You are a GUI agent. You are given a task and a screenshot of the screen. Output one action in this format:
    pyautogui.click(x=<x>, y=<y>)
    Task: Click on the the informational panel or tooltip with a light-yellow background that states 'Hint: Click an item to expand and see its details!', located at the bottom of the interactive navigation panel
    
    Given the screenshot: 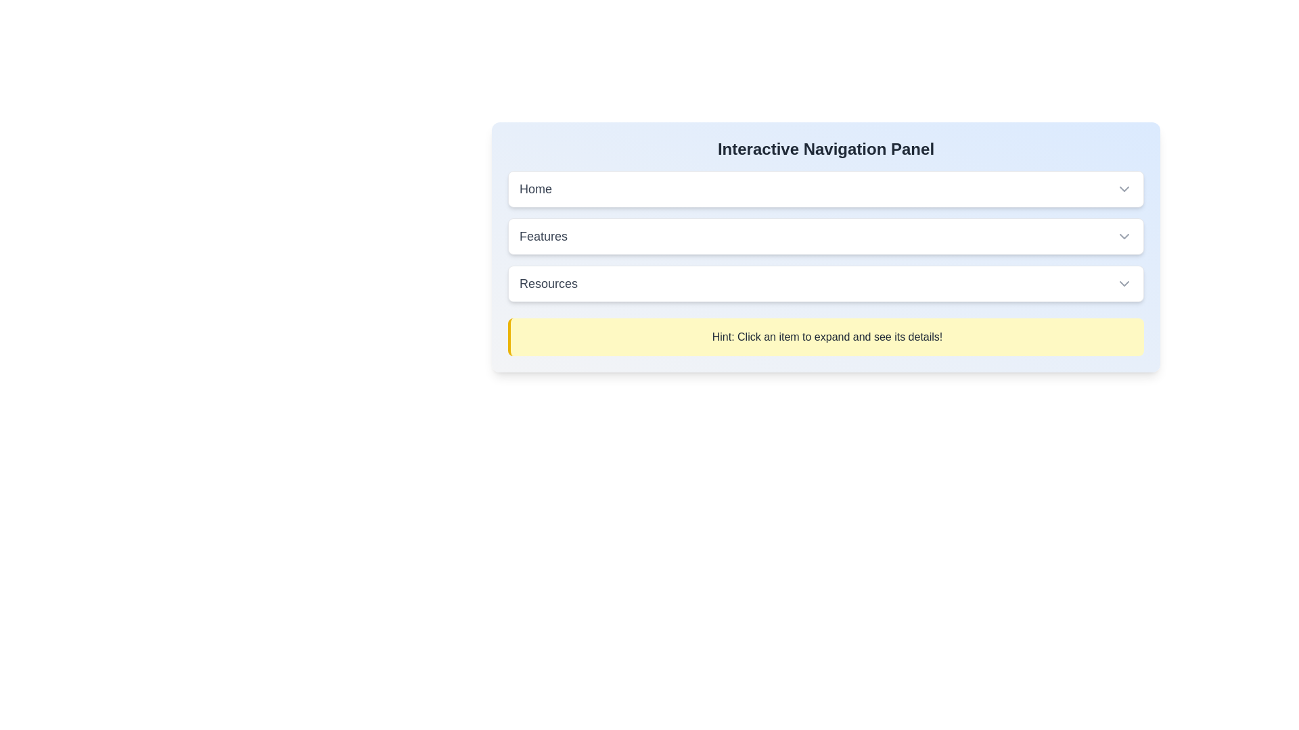 What is the action you would take?
    pyautogui.click(x=825, y=336)
    